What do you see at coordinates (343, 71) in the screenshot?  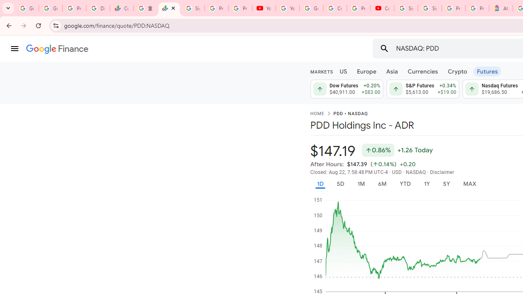 I see `'US'` at bounding box center [343, 71].